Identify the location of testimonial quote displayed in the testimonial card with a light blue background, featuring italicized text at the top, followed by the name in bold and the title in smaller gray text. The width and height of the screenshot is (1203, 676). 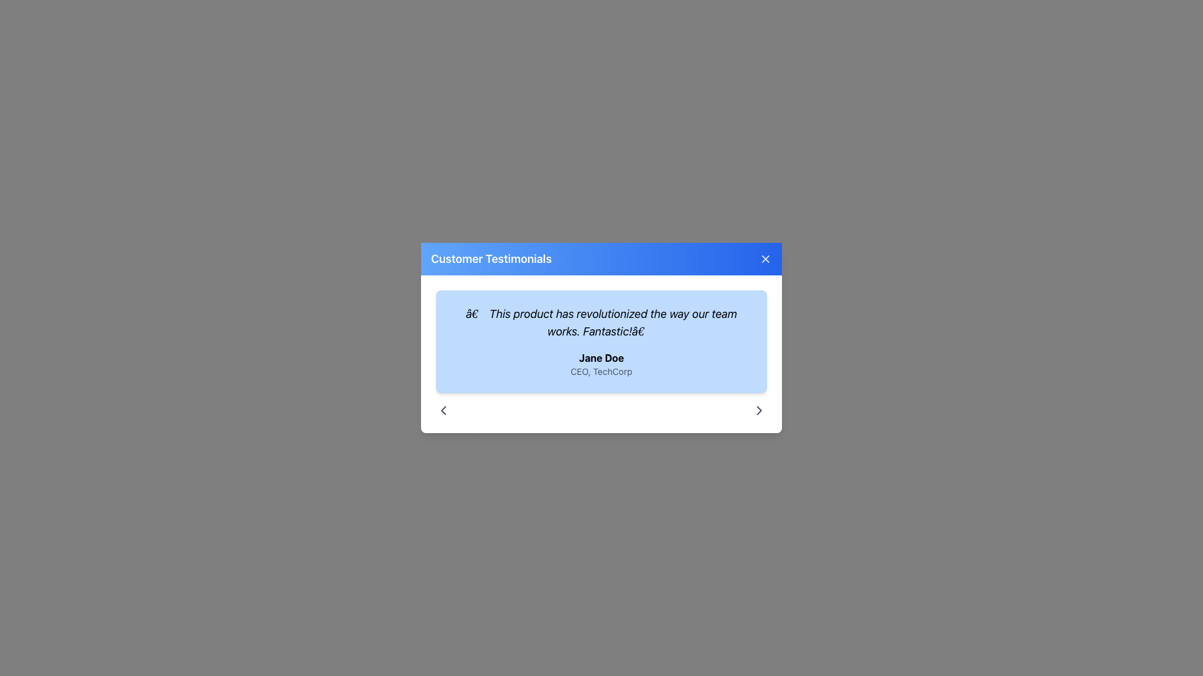
(601, 342).